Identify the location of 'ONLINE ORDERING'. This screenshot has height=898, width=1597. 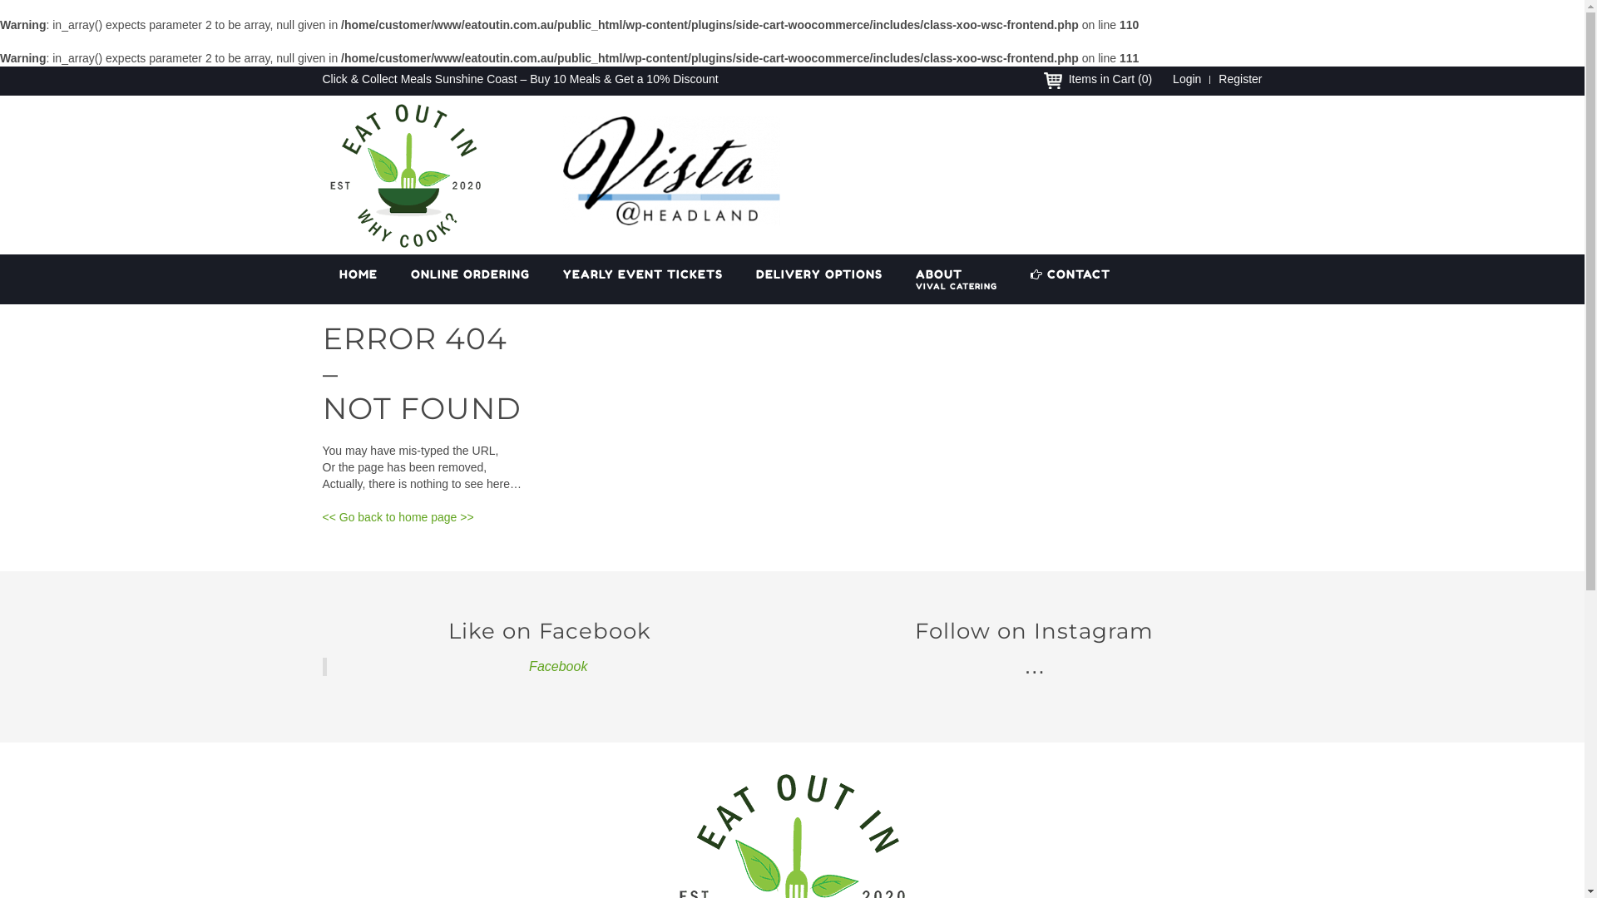
(469, 278).